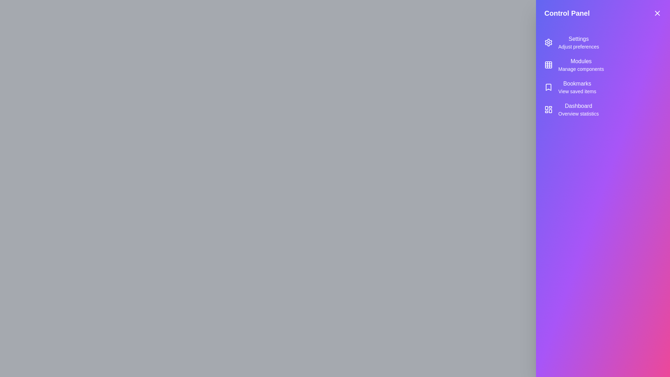 This screenshot has width=670, height=377. I want to click on the upper-left rectangle of the grid icon in the sidebar menu, which visually represents the 'Modules' section, so click(548, 65).